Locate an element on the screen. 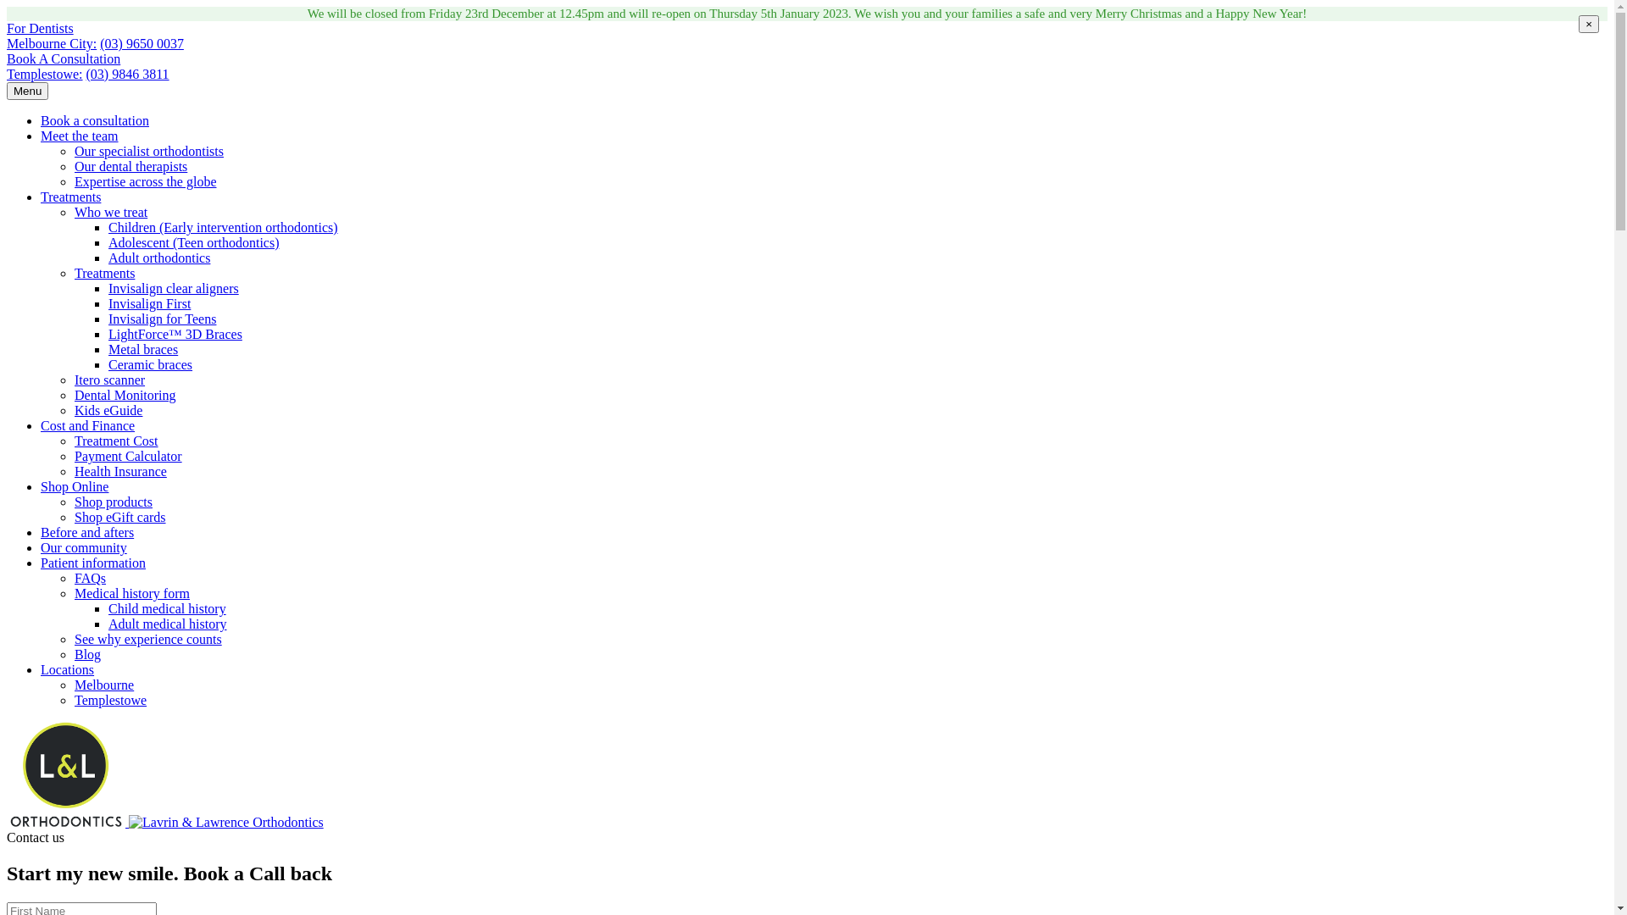 This screenshot has width=1627, height=915. 'Blog' is located at coordinates (73, 653).